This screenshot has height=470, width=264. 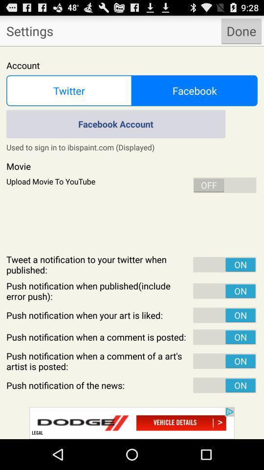 I want to click on description, so click(x=132, y=242).